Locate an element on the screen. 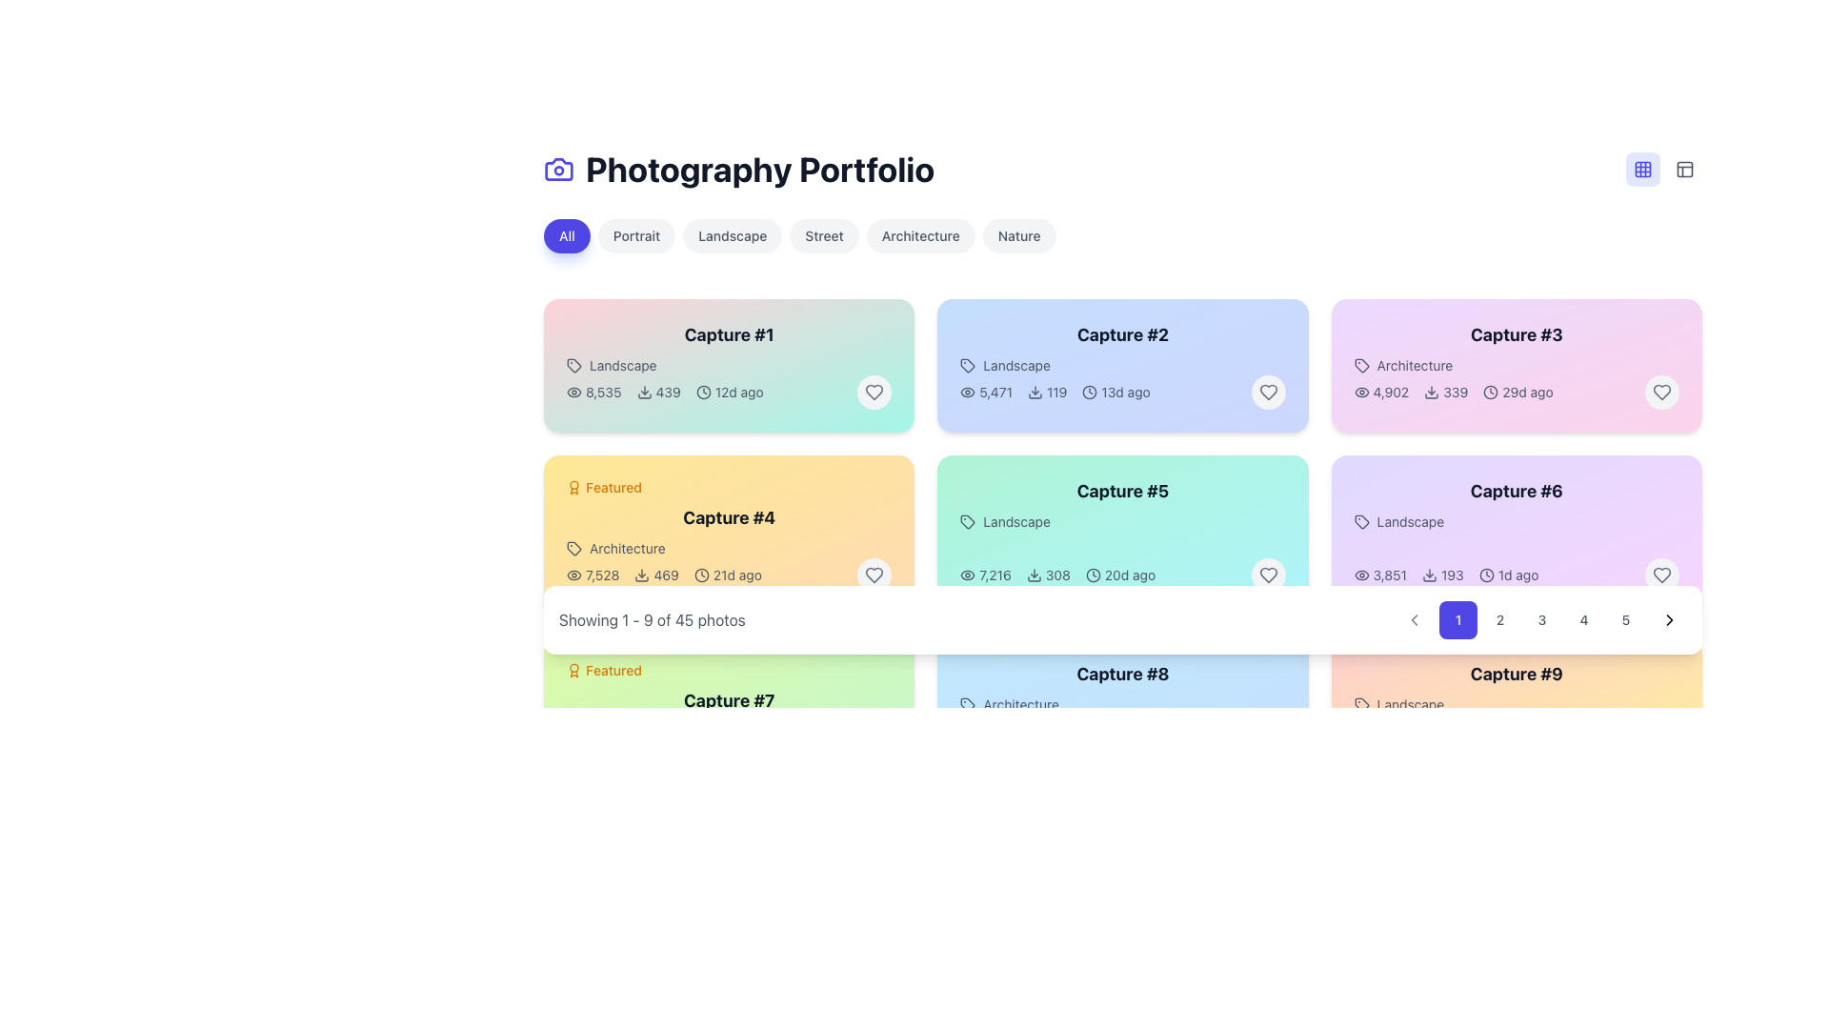 The height and width of the screenshot is (1029, 1829). the content card located in the lower section of the grid, positioned between 'Capture #6' and 'Capture #8' is located at coordinates (728, 701).